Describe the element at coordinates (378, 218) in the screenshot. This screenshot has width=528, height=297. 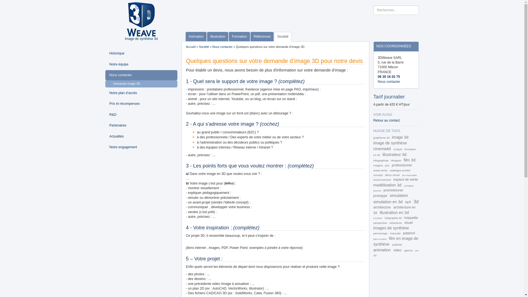
I see `'immobilier'` at that location.